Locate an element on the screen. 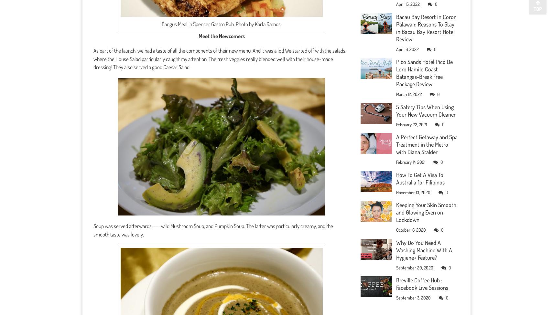  'Meet the Newcomers' is located at coordinates (198, 35).